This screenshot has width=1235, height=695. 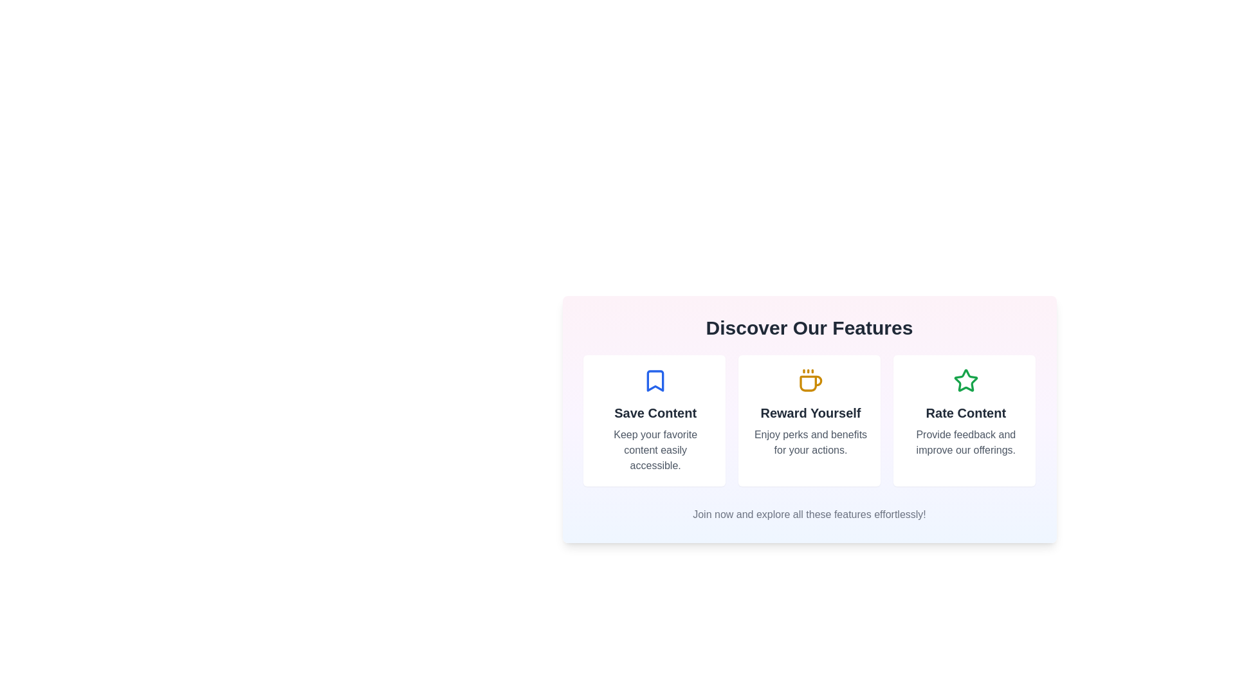 I want to click on the bookmark icon located at the top center of the 'Save Content' card under the 'Discover Our Features' section, so click(x=655, y=380).